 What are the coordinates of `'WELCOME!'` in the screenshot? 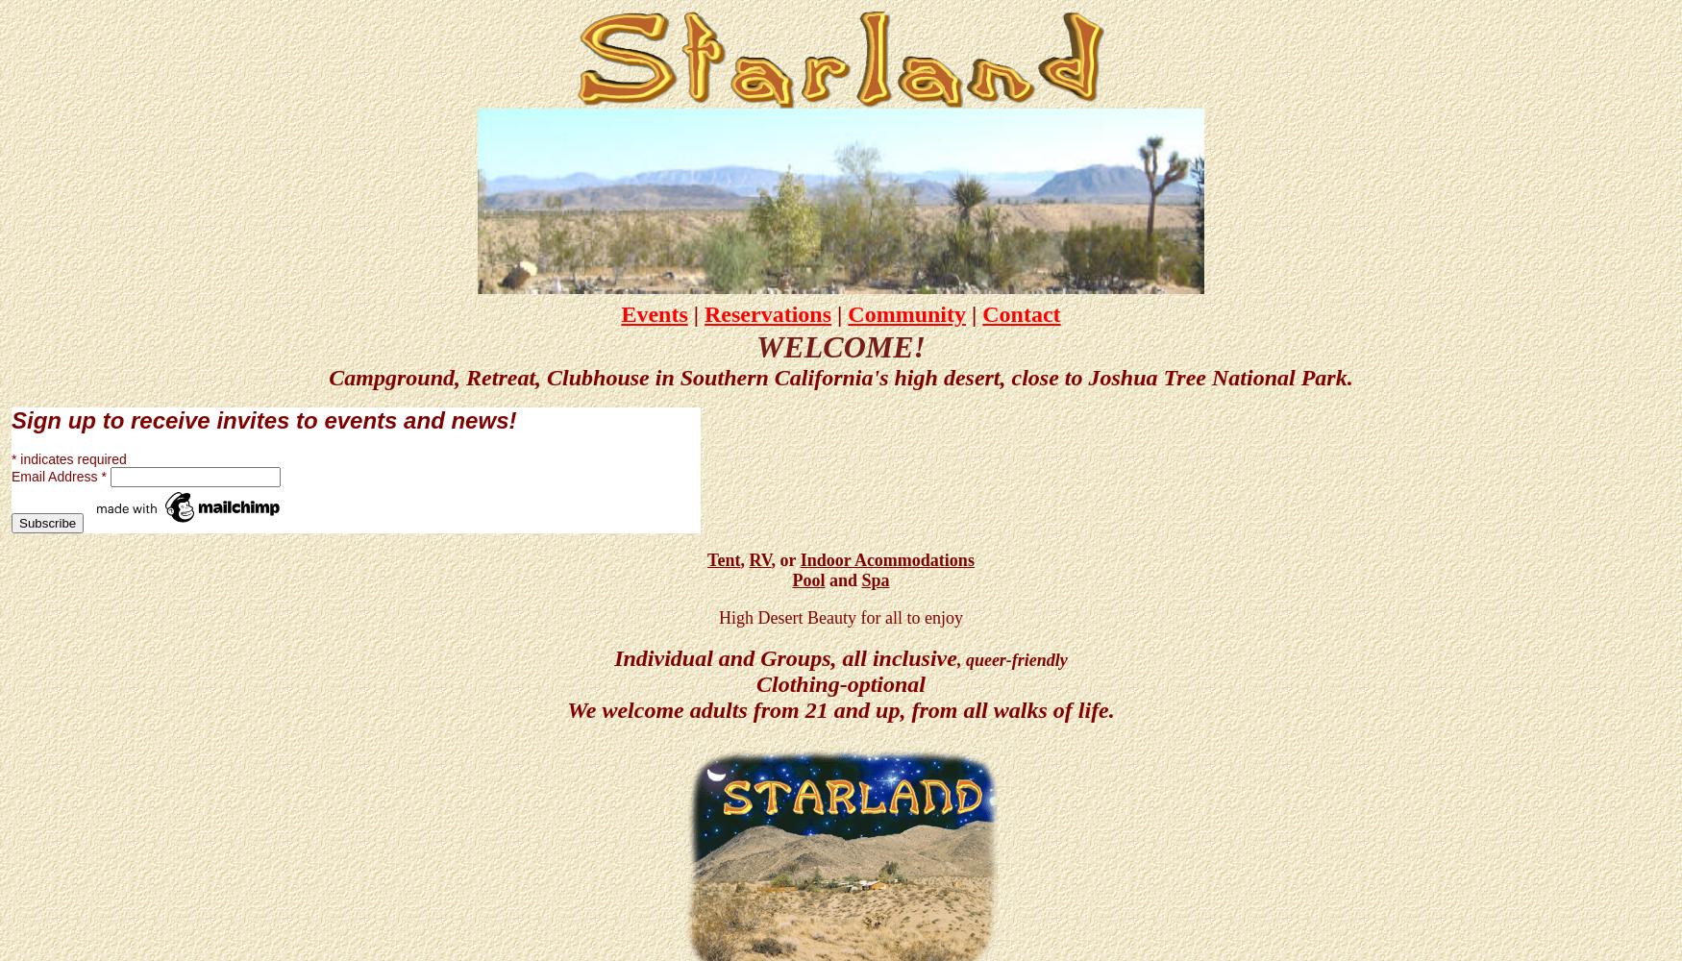 It's located at (840, 346).